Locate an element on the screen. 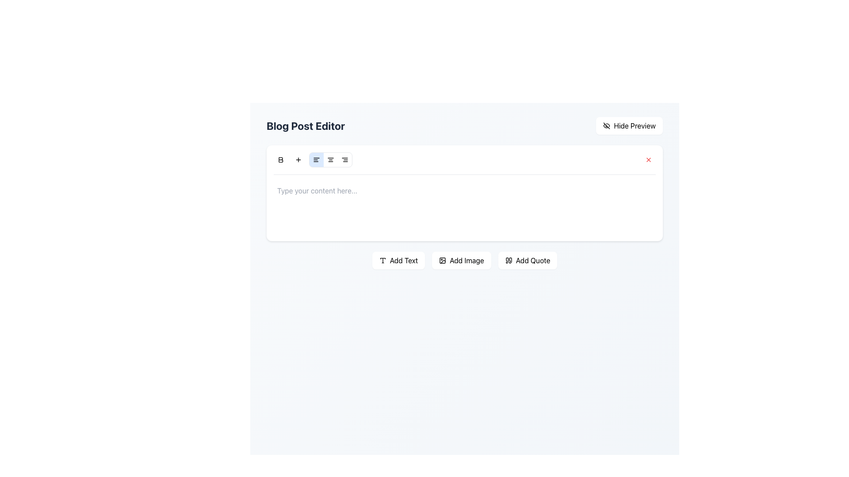  the Graphic SVG rectangle that serves as a visual element in an SVG graphic, contributing to the representation of an icon is located at coordinates (443, 260).